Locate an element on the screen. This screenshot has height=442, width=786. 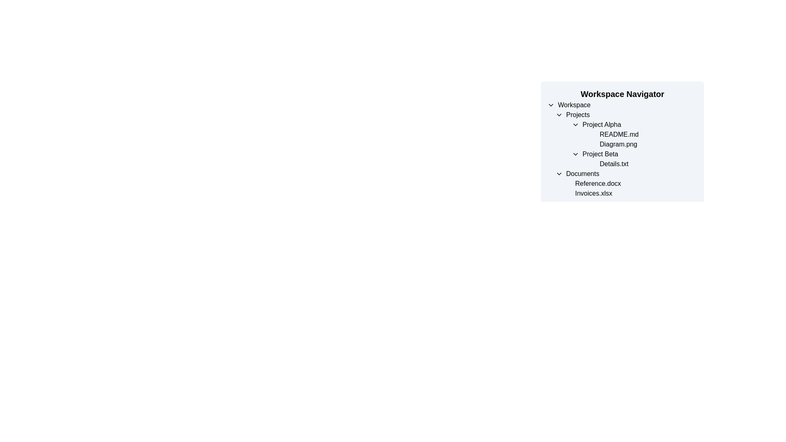
the text label for 'README.md' located under 'Project Alpha' in the 'Workspace Navigator' is located at coordinates (619, 134).